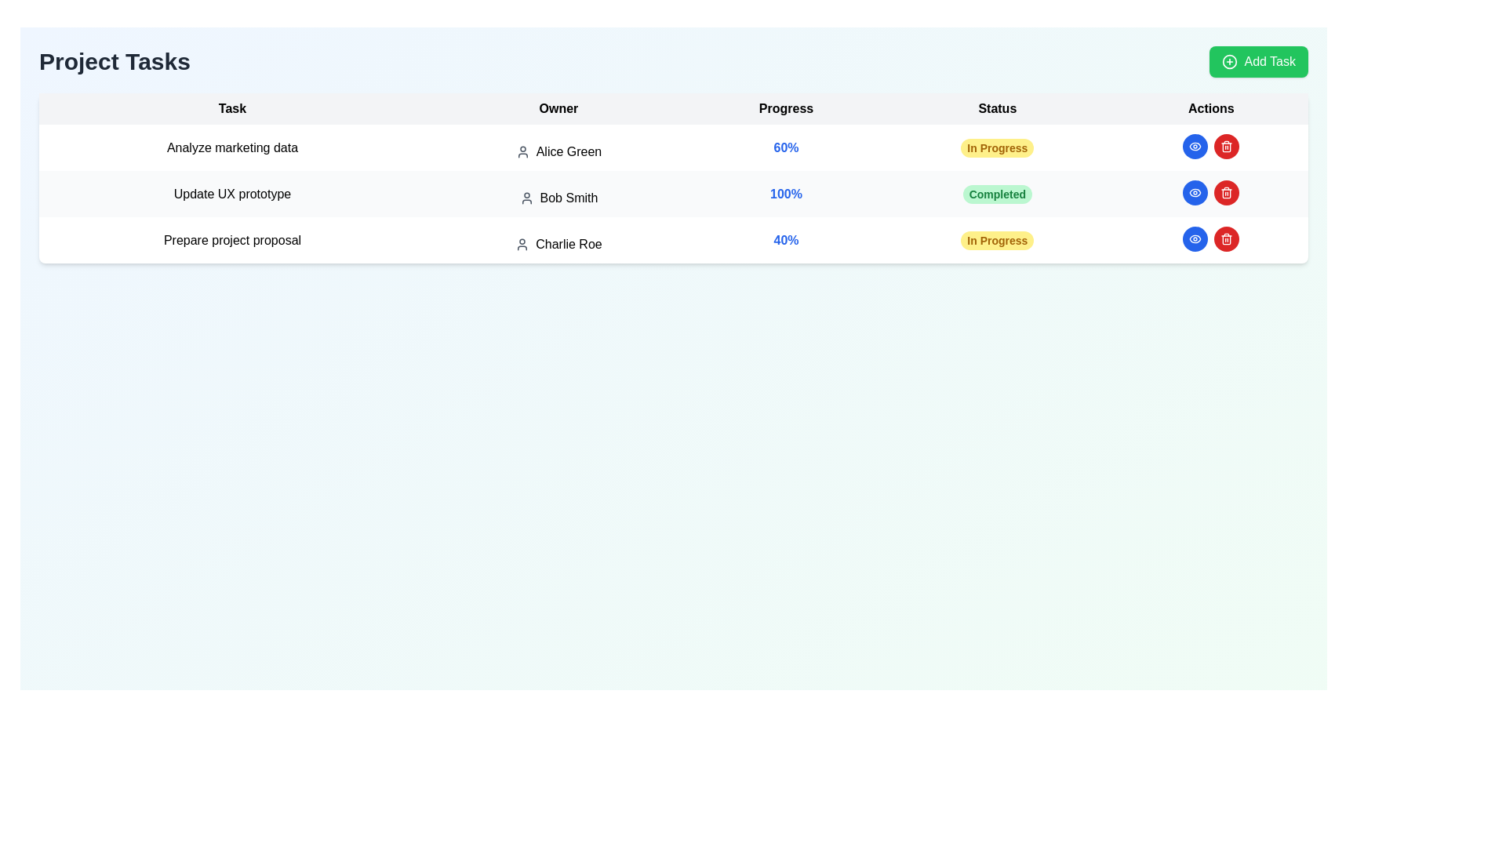  What do you see at coordinates (231, 240) in the screenshot?
I see `the static text label displaying 'Prepare project proposal', which is located in the first column of the third row within the 'Project Tasks' table, directly below 'Update UX prototype'` at bounding box center [231, 240].